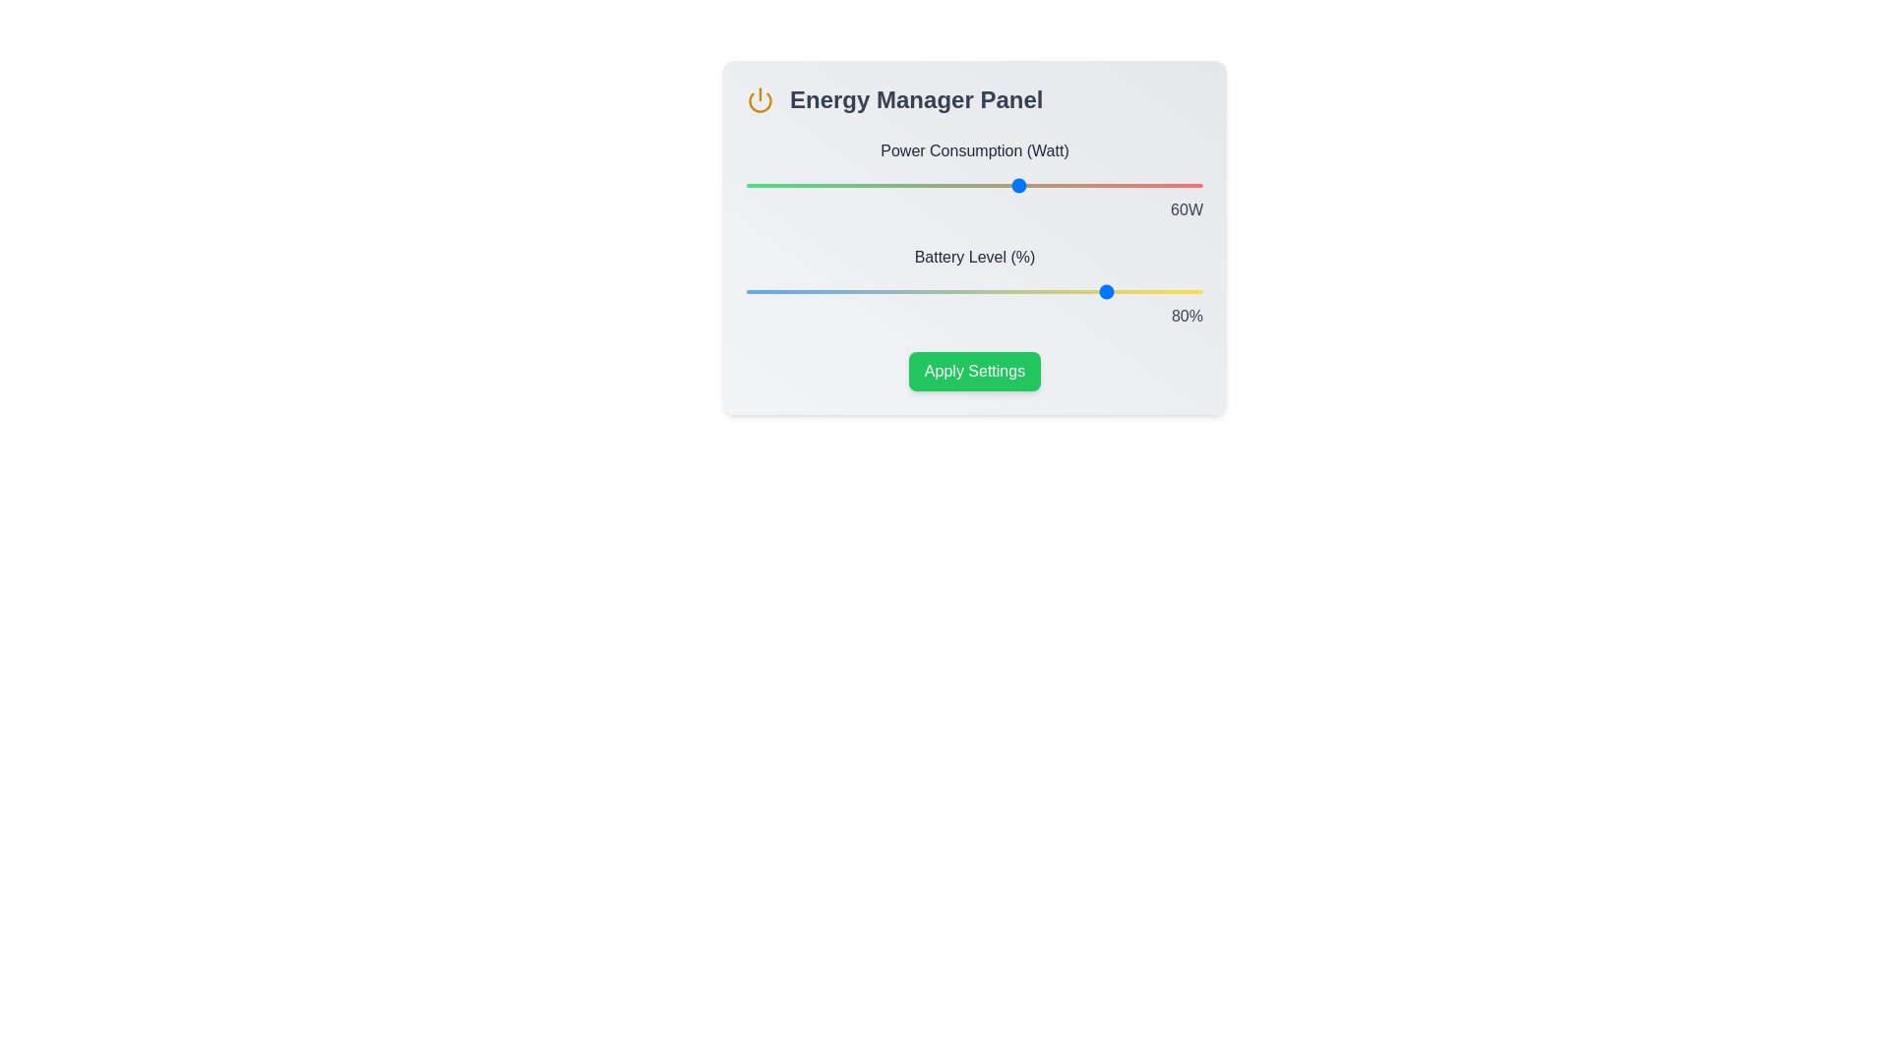 The image size is (1889, 1062). I want to click on the power consumption slider to 30 percent, so click(883, 186).